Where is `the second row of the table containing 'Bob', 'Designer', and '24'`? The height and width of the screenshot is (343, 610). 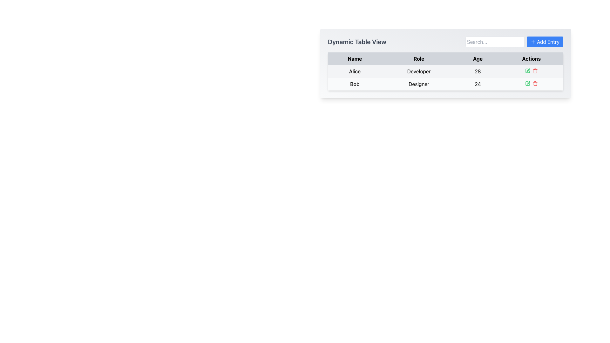
the second row of the table containing 'Bob', 'Designer', and '24' is located at coordinates (445, 84).